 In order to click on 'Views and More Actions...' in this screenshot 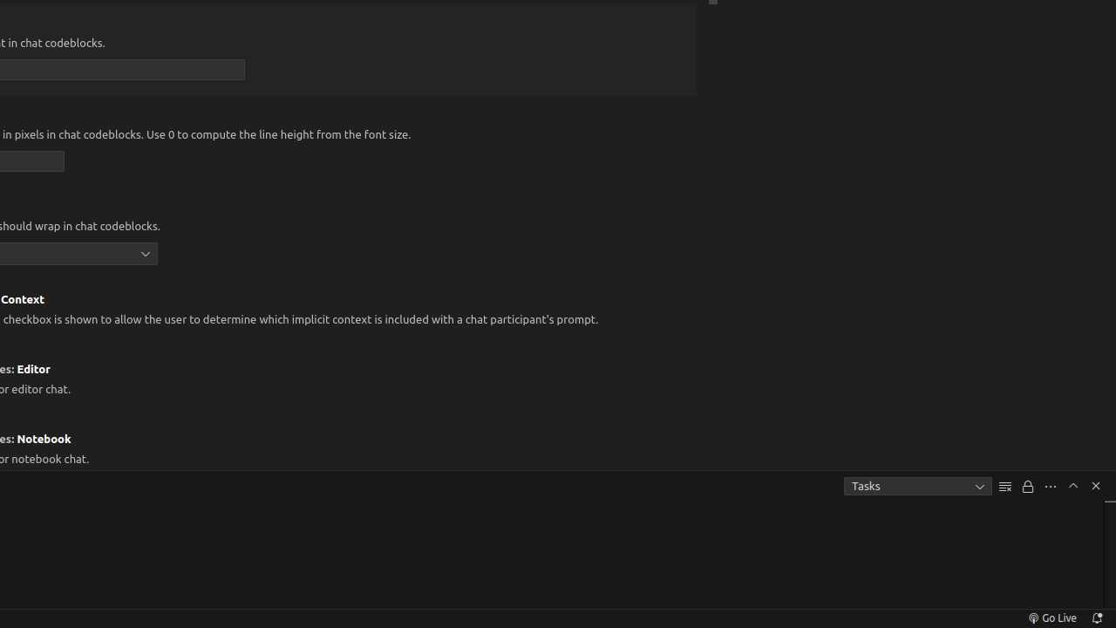, I will do `click(1049, 486)`.